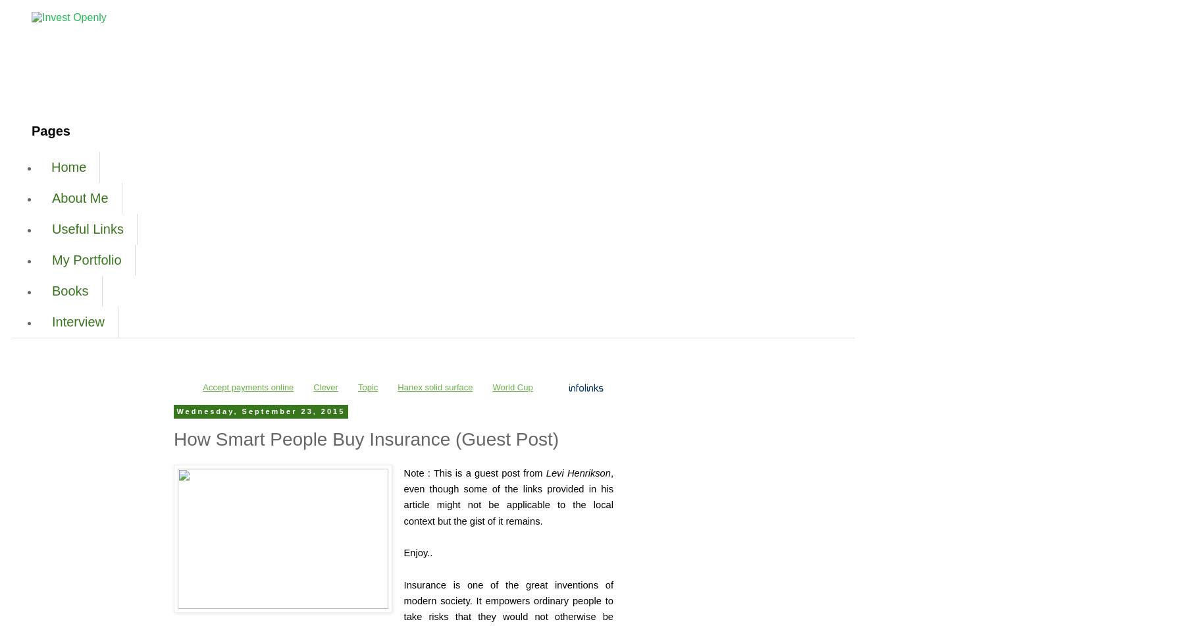 The image size is (1190, 626). What do you see at coordinates (69, 291) in the screenshot?
I see `'Books'` at bounding box center [69, 291].